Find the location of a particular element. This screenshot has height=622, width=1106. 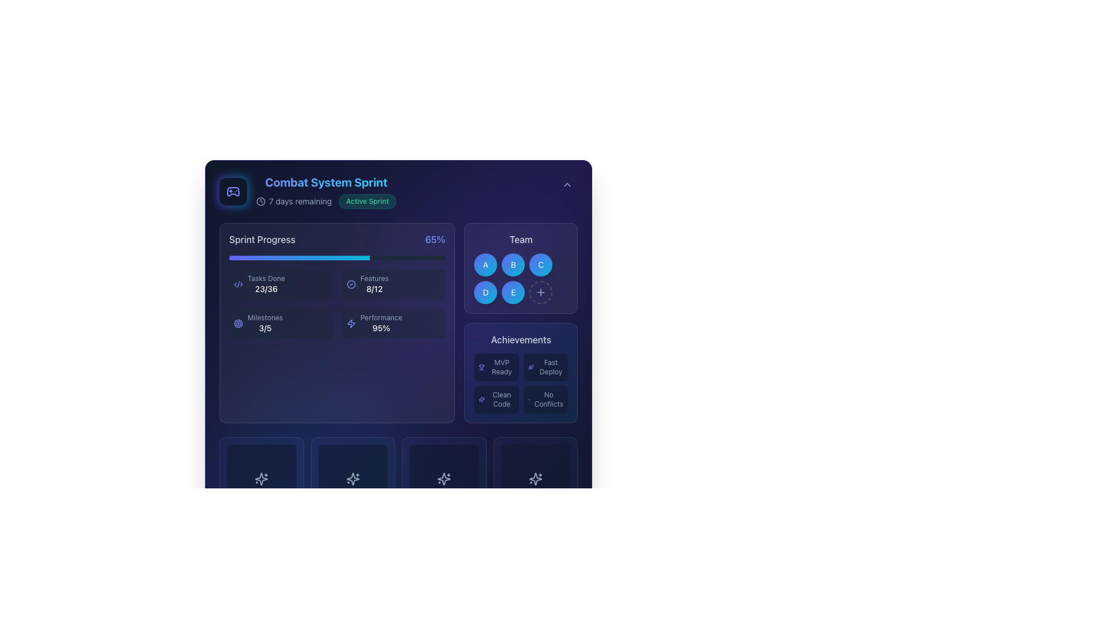

the static text label indicating '8 completed of 12 total features' located underneath the title 'Features' in the progress display card is located at coordinates (374, 288).